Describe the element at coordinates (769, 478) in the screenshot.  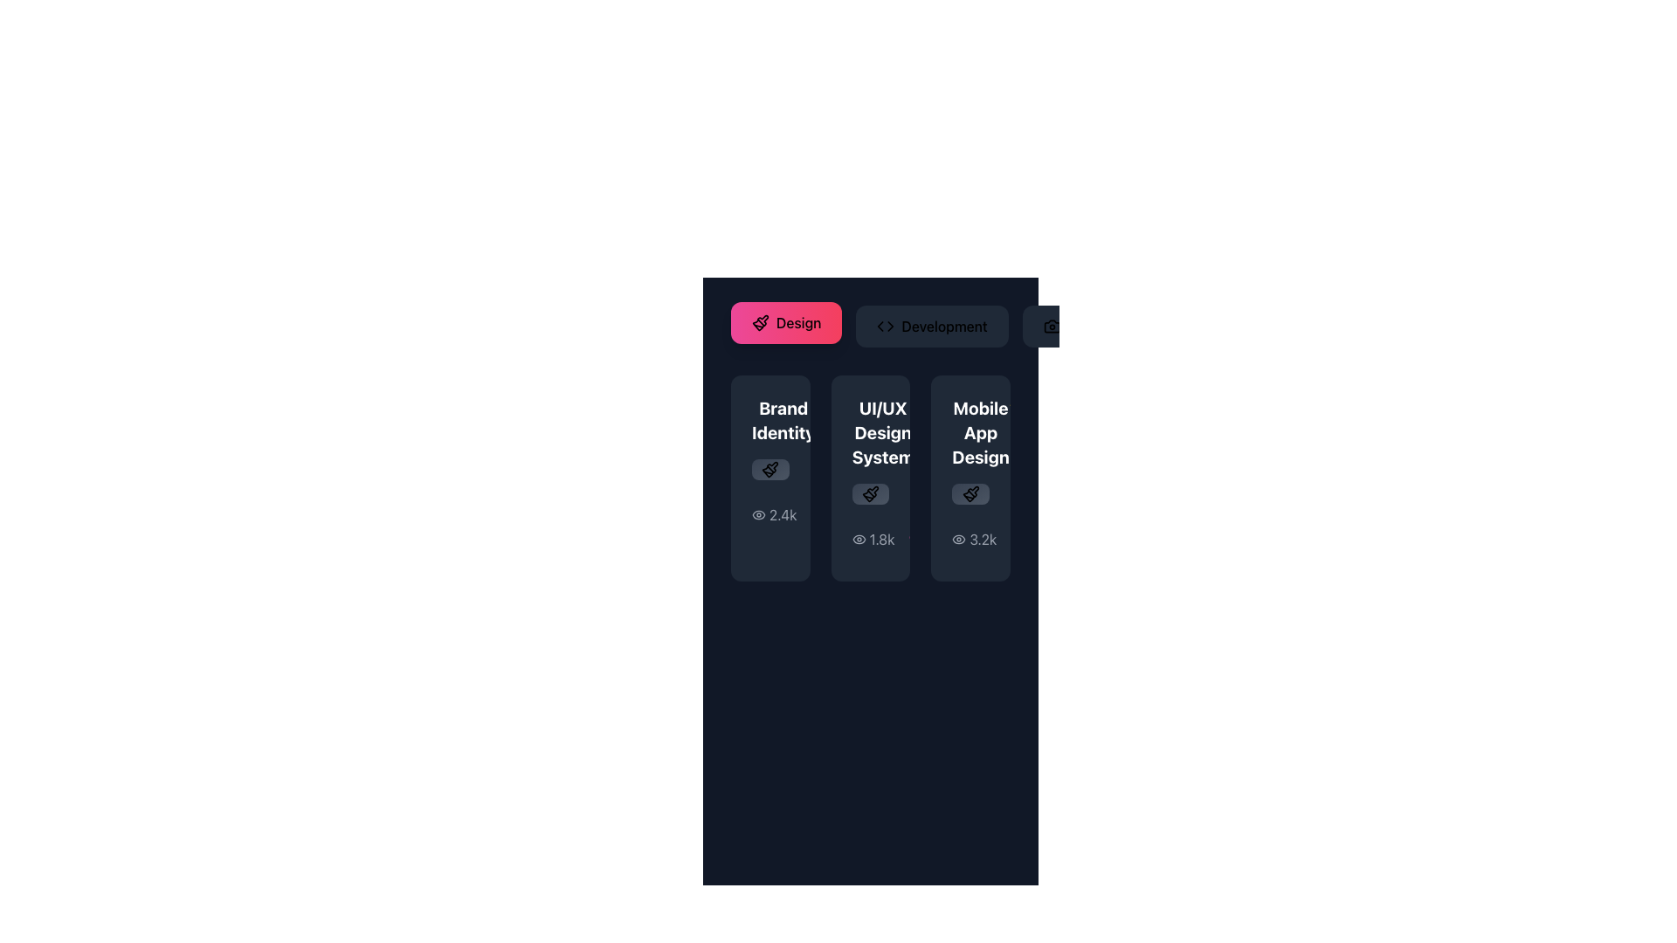
I see `the 'Brand Identity' Information Card, which is the first element in the grid layout` at that location.